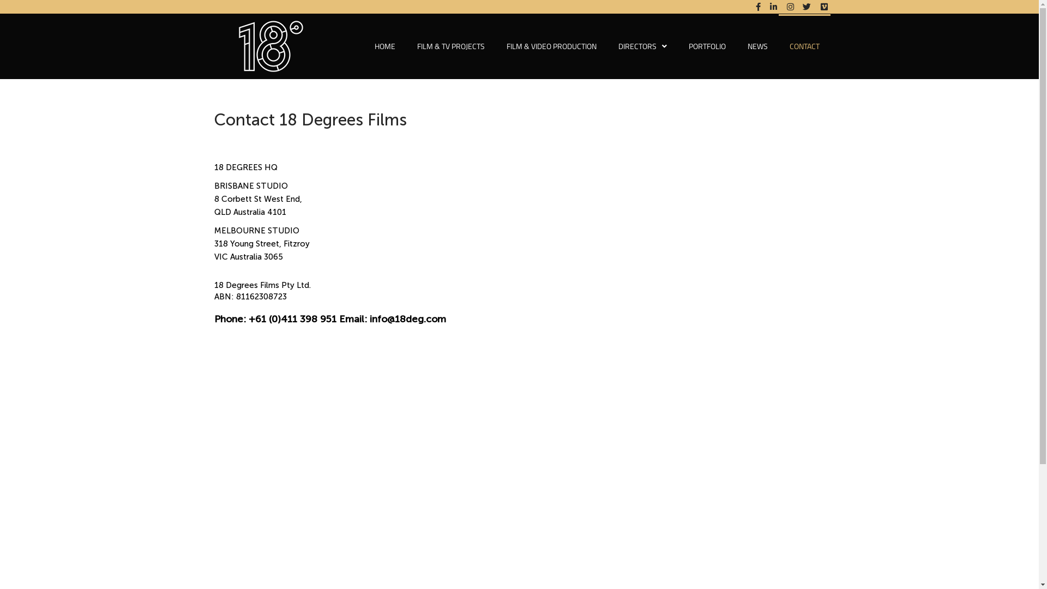 This screenshot has height=589, width=1047. What do you see at coordinates (778, 45) in the screenshot?
I see `'CONTACT'` at bounding box center [778, 45].